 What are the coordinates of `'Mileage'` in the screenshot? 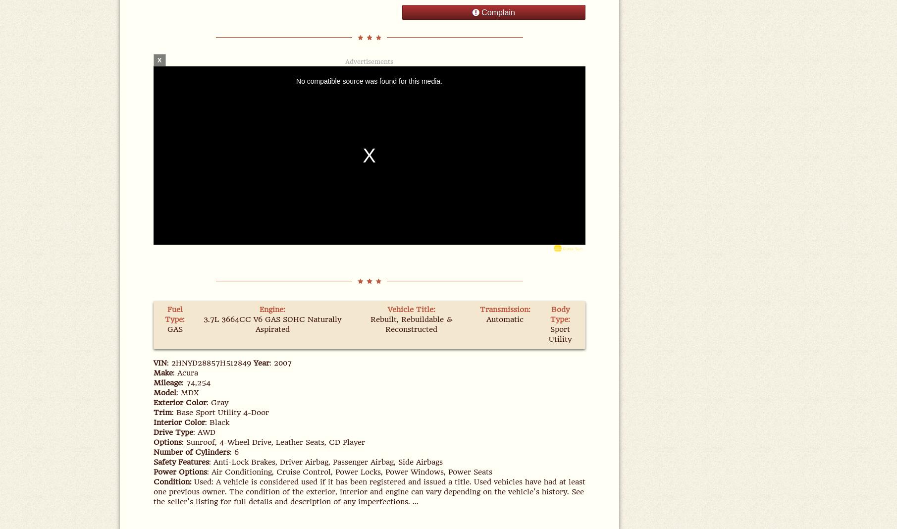 It's located at (166, 383).